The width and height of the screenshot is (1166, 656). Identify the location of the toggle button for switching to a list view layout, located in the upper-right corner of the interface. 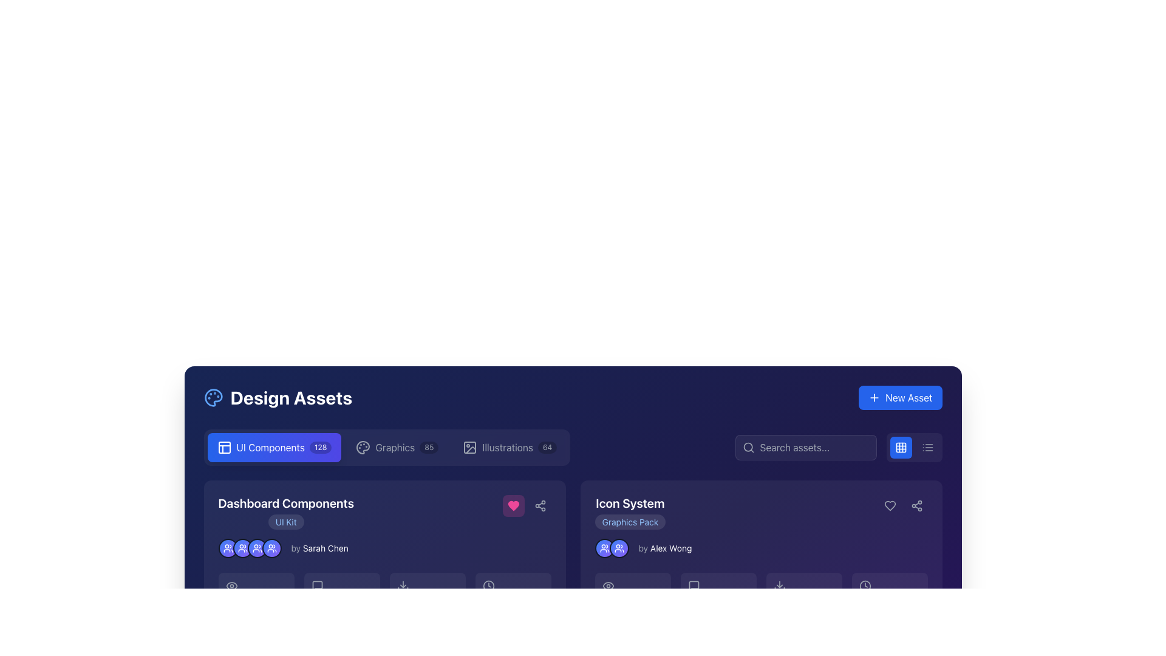
(927, 447).